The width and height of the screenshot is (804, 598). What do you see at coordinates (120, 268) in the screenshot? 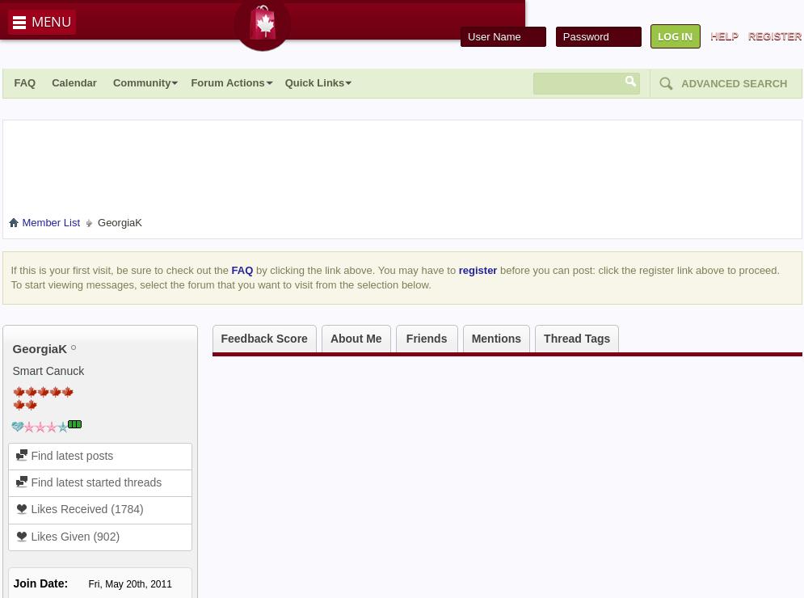
I see `'If this is your first visit, be sure to		check out the'` at bounding box center [120, 268].